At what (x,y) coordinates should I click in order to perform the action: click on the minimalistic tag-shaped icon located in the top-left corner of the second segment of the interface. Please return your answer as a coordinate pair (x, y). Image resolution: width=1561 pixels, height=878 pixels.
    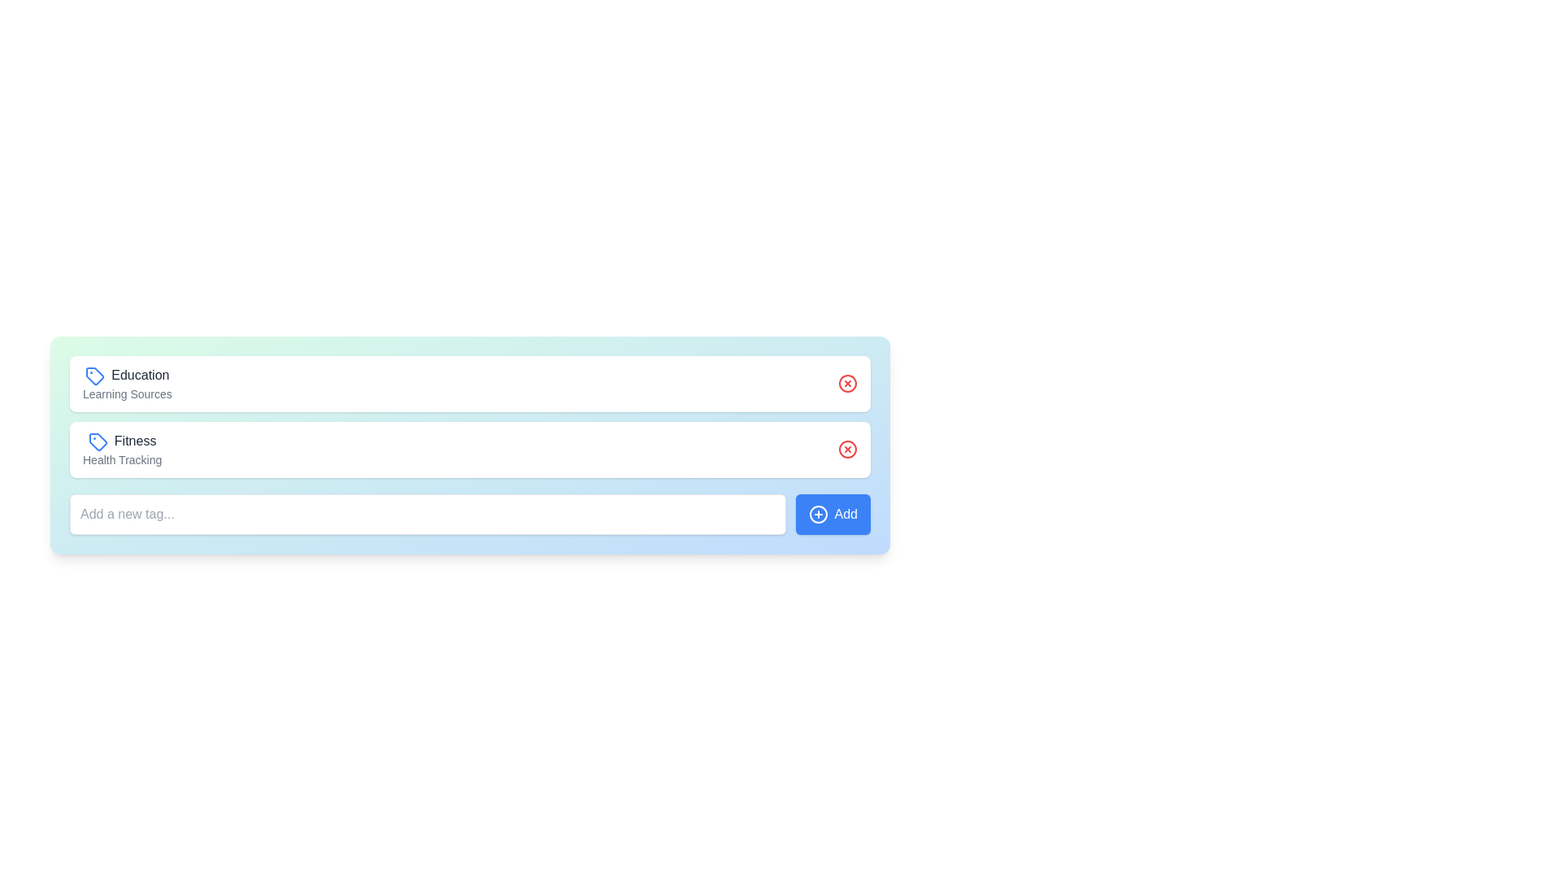
    Looking at the image, I should click on (94, 376).